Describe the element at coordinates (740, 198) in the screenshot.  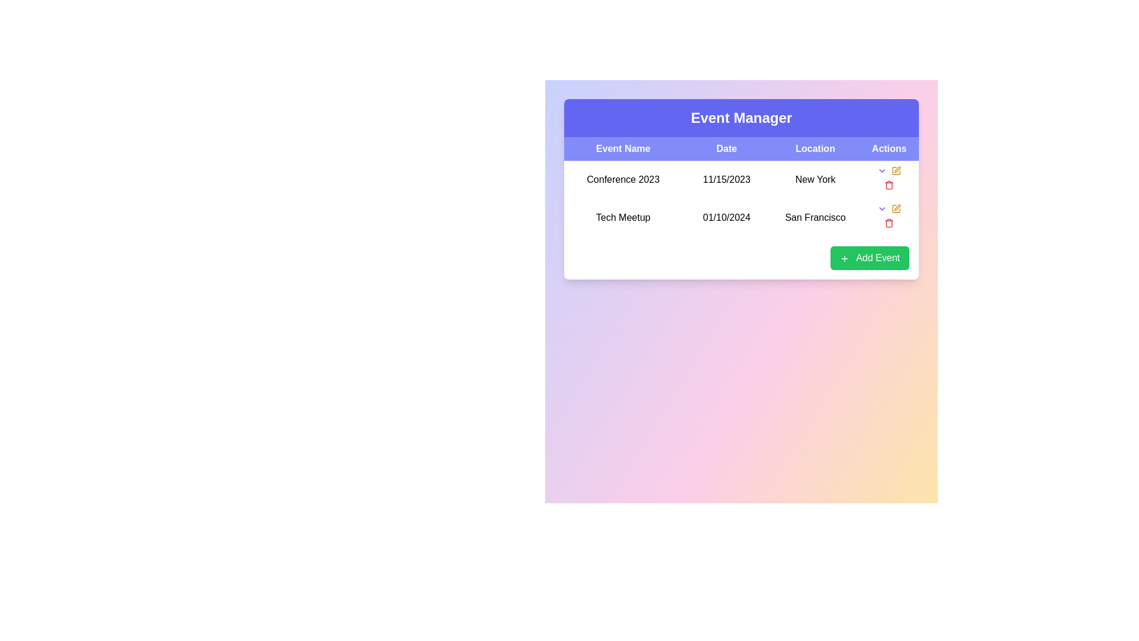
I see `the first table row displaying event details, which is located directly below the table headers` at that location.